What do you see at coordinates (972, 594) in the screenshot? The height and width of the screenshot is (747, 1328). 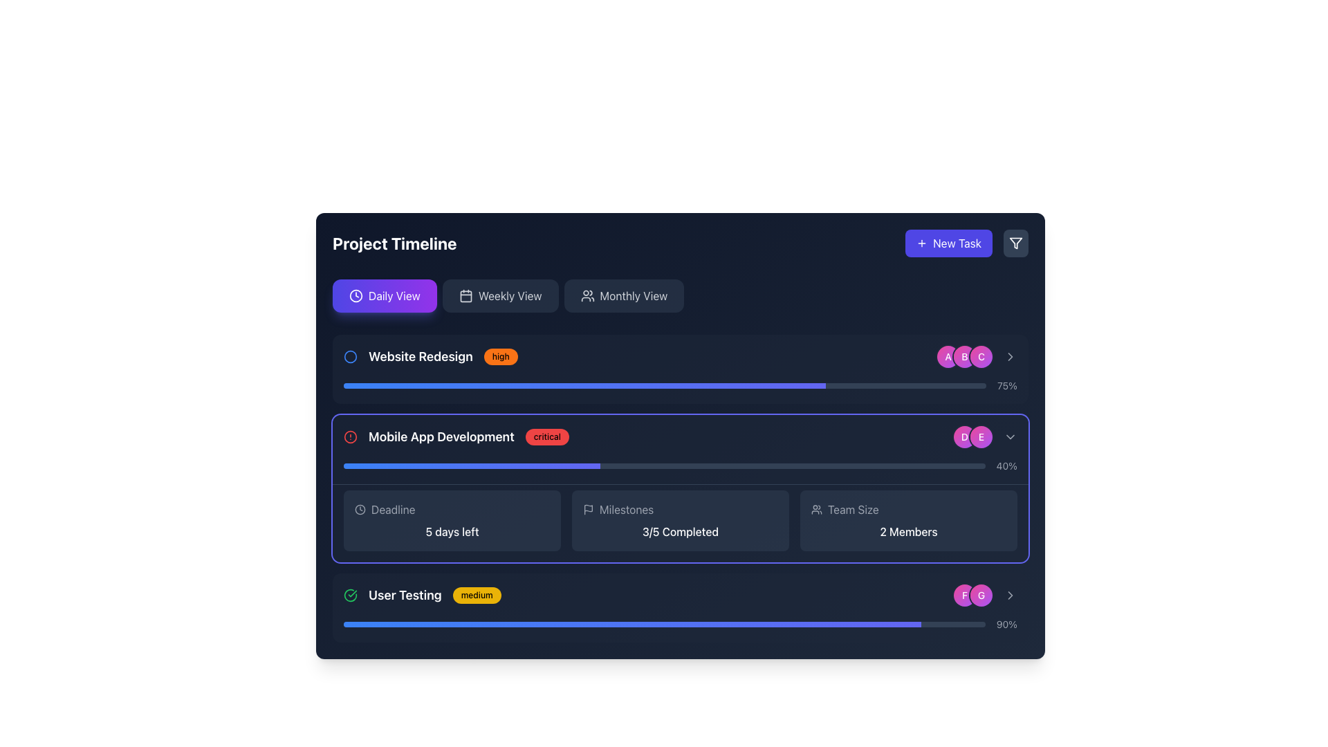 I see `the Profile icons grouped at the bottom-right corner of the main interface, which represents two user profiles or identifiers` at bounding box center [972, 594].